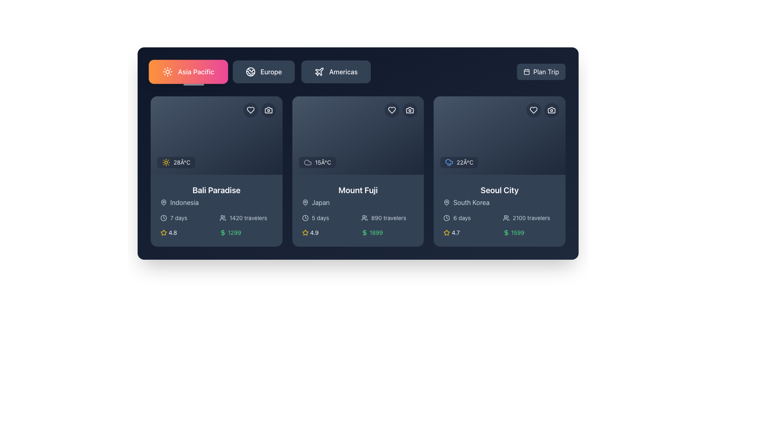  Describe the element at coordinates (446, 233) in the screenshot. I see `the first star icon with a gold outline next to the numeric rating '4.7' in the third card section representing 'Seoul City'` at that location.